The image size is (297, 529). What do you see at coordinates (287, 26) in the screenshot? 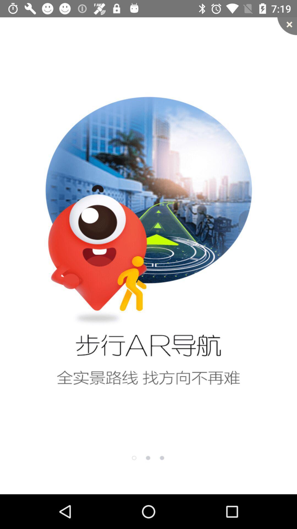
I see `close` at bounding box center [287, 26].